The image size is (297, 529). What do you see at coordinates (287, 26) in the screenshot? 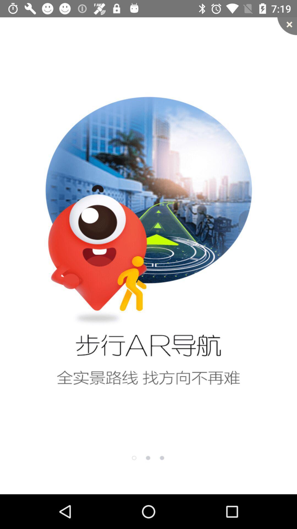
I see `close` at bounding box center [287, 26].